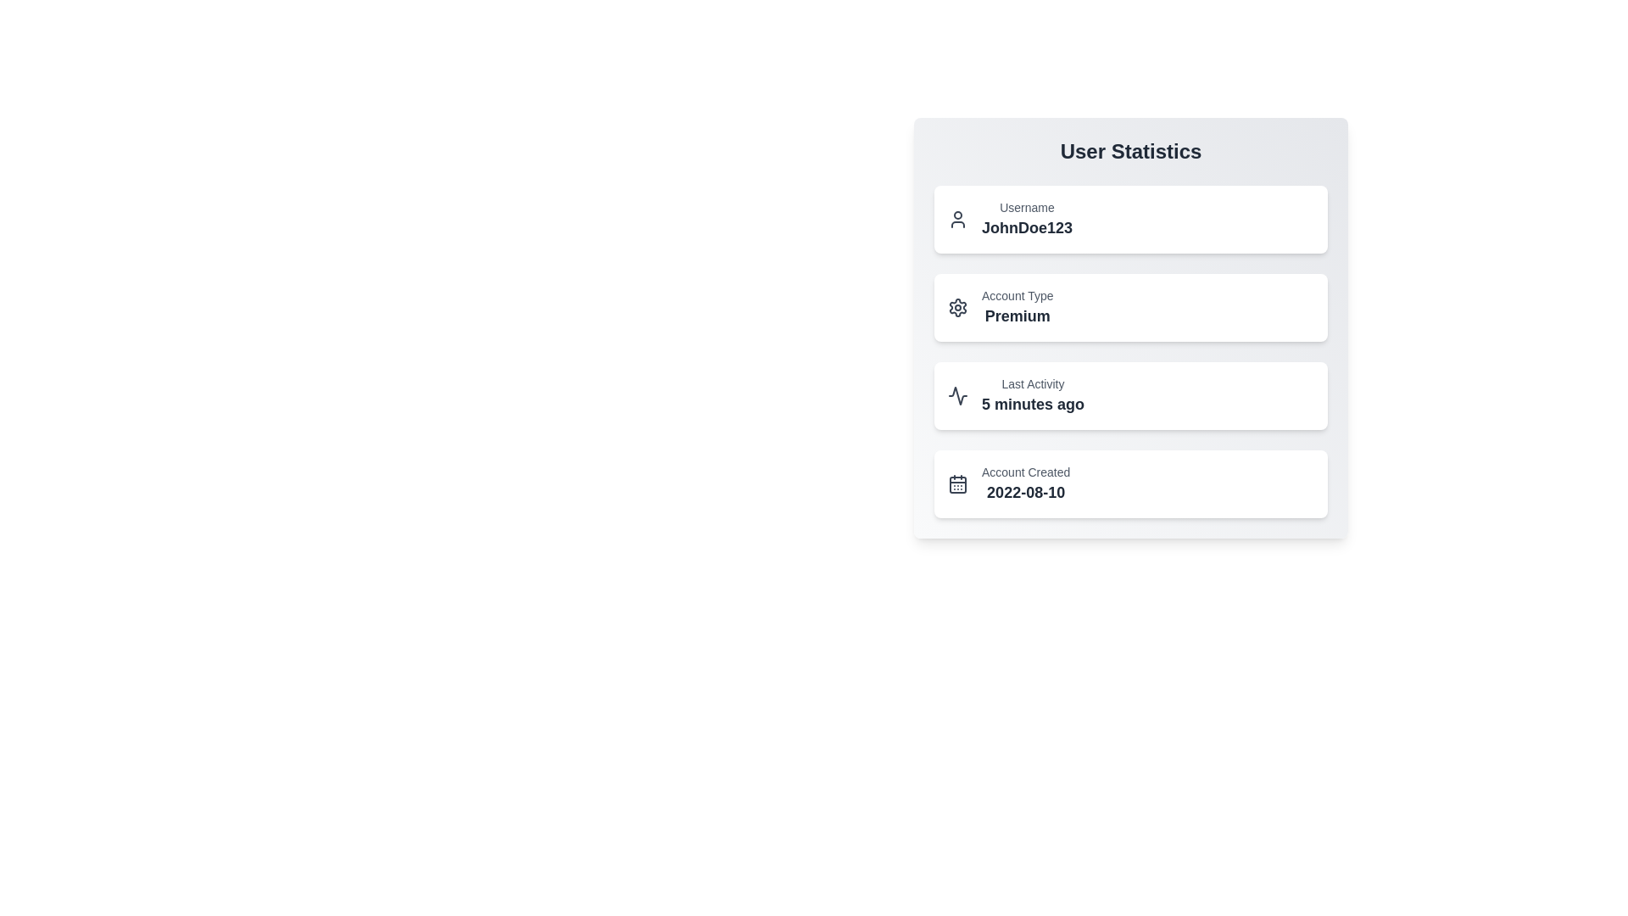 The image size is (1628, 916). I want to click on text content of the 'Username' display, which shows 'JohnDoe123' in a larger, bold font, located in the 'User Statistics' section of the interface, so click(1026, 218).